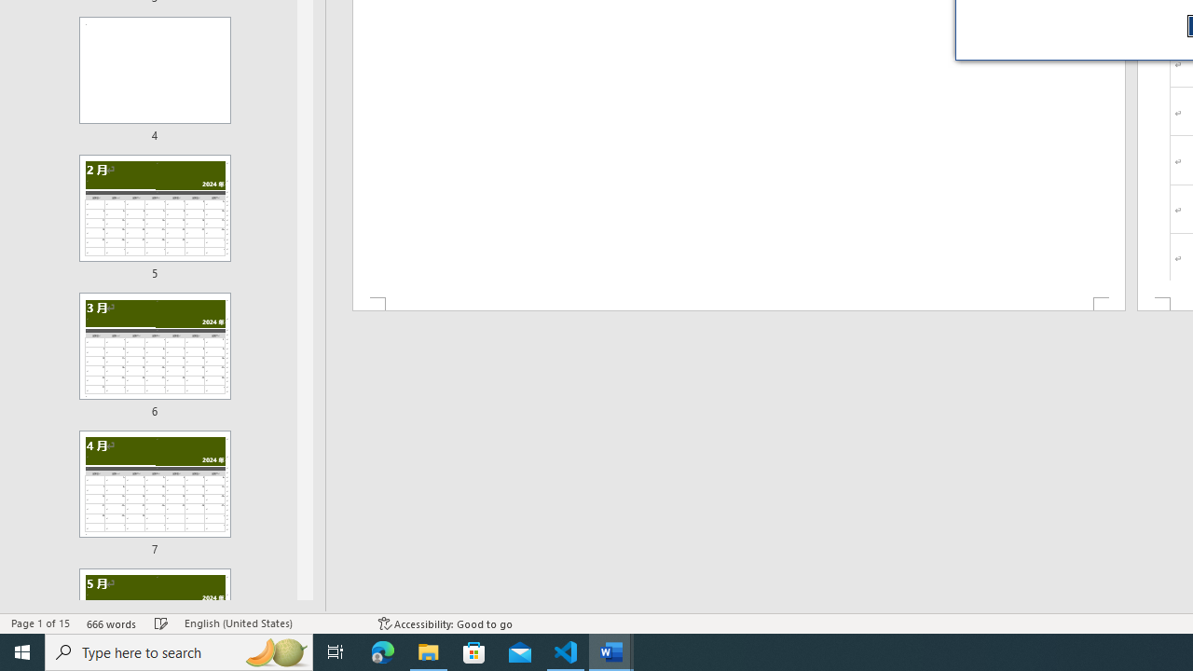 The height and width of the screenshot is (671, 1193). I want to click on 'Word - 2 running windows', so click(611, 650).